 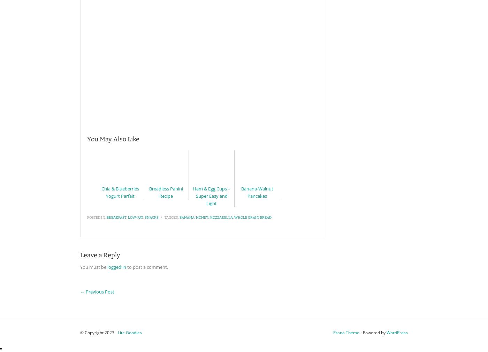 I want to click on 'WordPress', so click(x=397, y=333).